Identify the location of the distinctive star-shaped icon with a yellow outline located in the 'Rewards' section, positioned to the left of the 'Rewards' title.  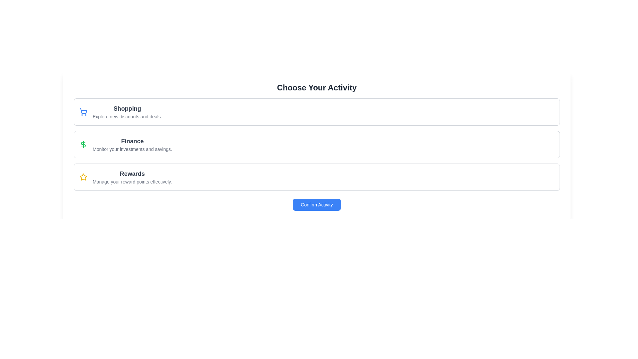
(83, 177).